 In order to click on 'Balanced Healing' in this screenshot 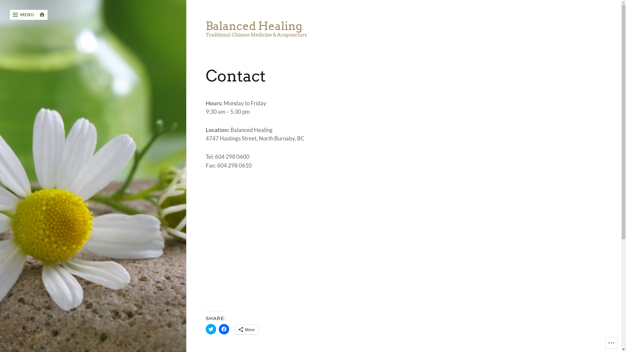, I will do `click(205, 26)`.